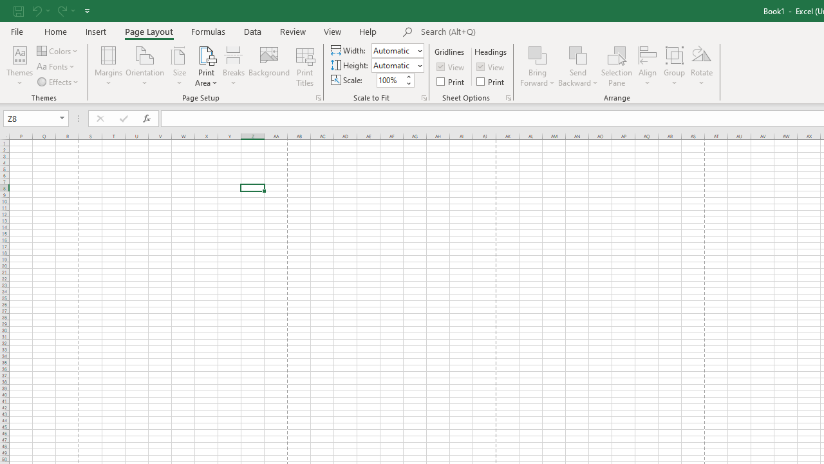 The width and height of the screenshot is (824, 464). I want to click on 'Themes', so click(19, 66).